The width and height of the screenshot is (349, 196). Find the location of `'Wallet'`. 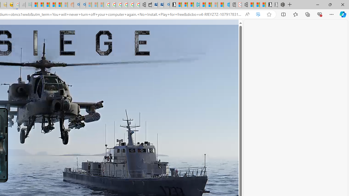

'Wallet' is located at coordinates (149, 5).